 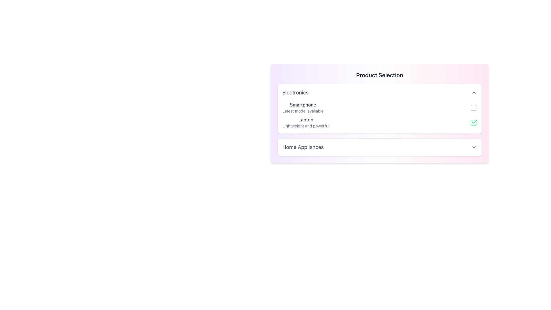 I want to click on the state of the green checkmark icon located within the 'Product Selection' panel, positioned next to the 'Laptop' description in the 'Electronics' list, so click(x=474, y=121).